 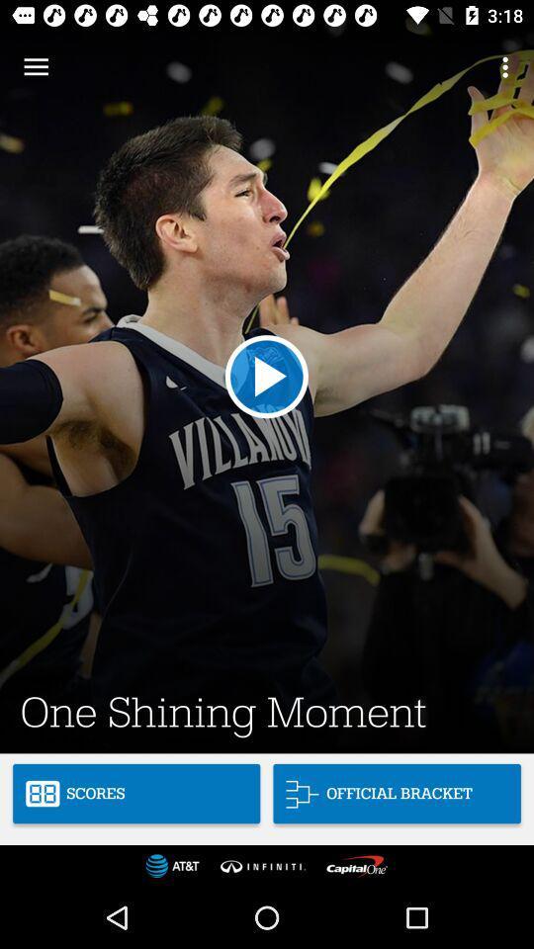 I want to click on the item to the left of official bracket icon, so click(x=135, y=794).